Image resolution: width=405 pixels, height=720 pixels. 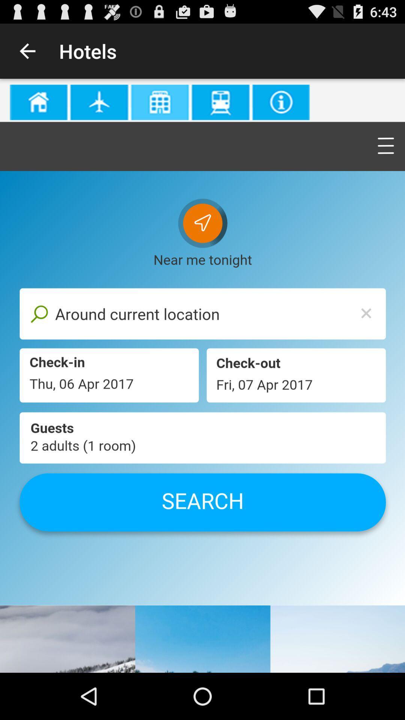 What do you see at coordinates (202, 376) in the screenshot?
I see `locate near by` at bounding box center [202, 376].